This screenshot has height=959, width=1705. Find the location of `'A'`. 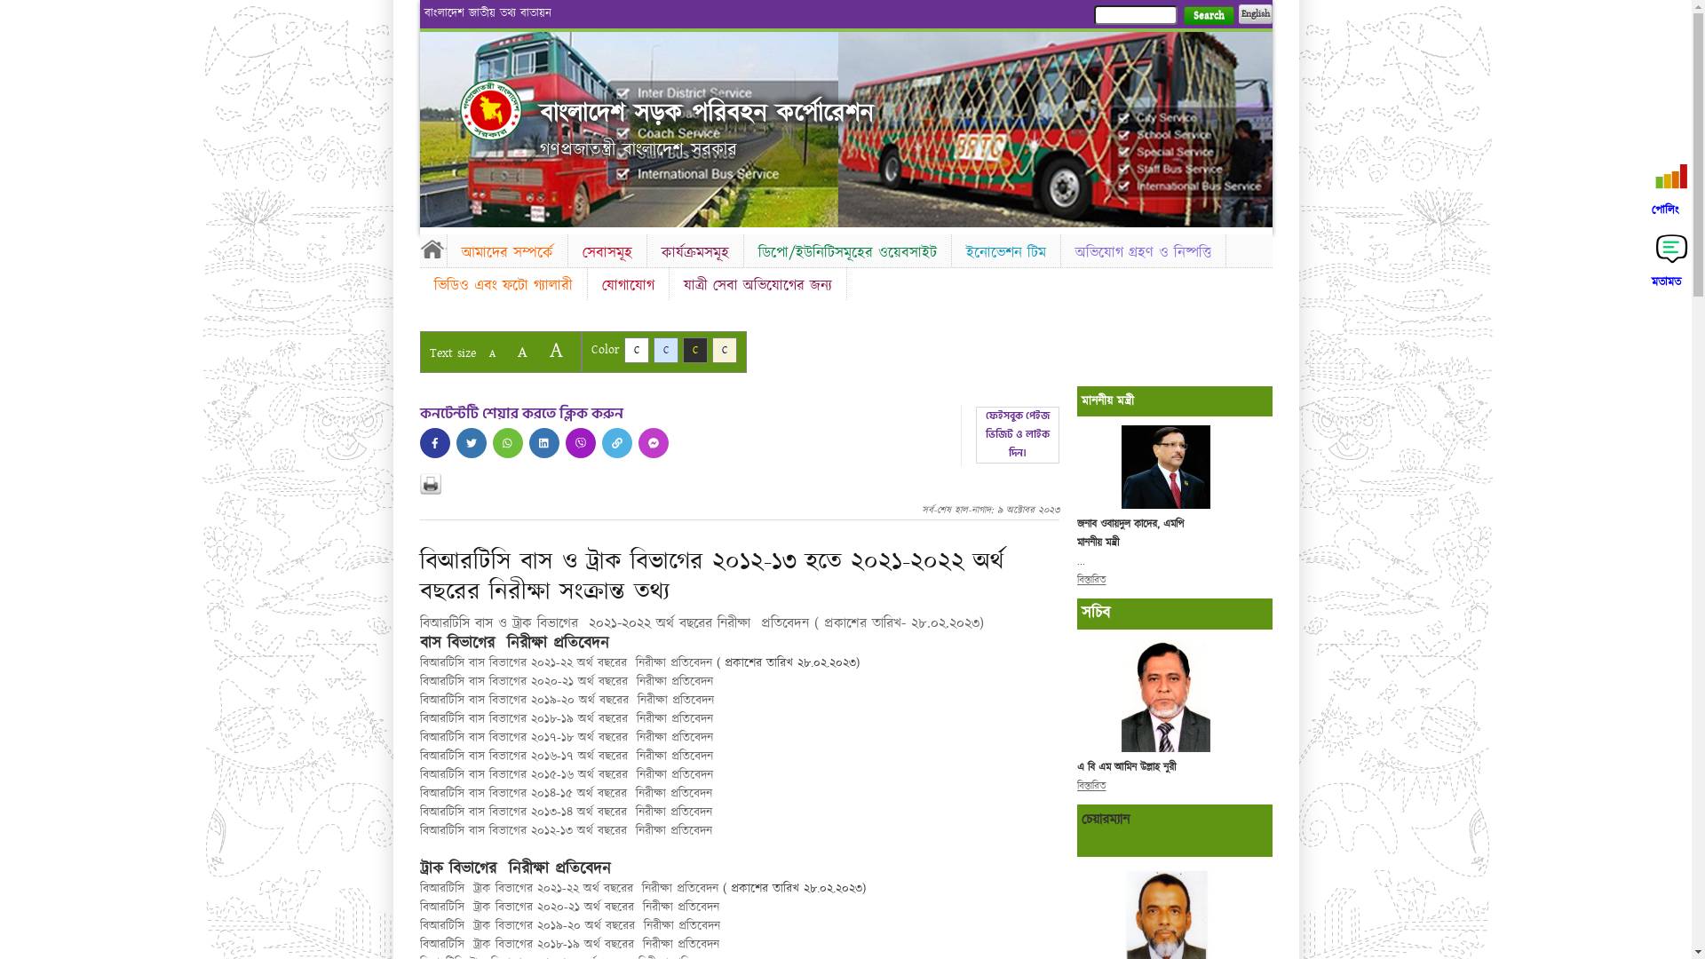

'A' is located at coordinates (520, 352).